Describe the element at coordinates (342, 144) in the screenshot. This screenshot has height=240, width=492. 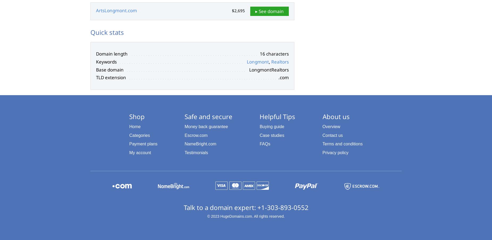
I see `'Terms and conditions'` at that location.